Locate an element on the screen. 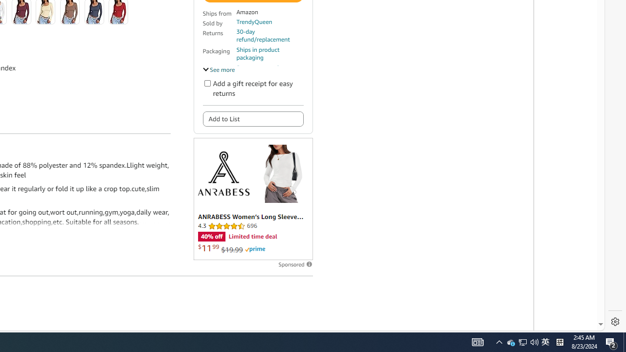 The width and height of the screenshot is (626, 352). 'Sponsored ad' is located at coordinates (253, 198).